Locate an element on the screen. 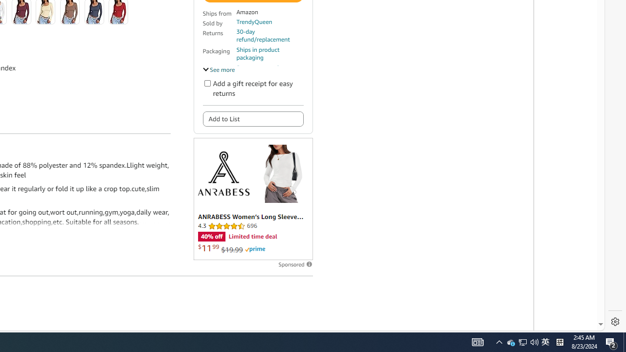 The width and height of the screenshot is (626, 352). 'Sponsored ad' is located at coordinates (253, 198).